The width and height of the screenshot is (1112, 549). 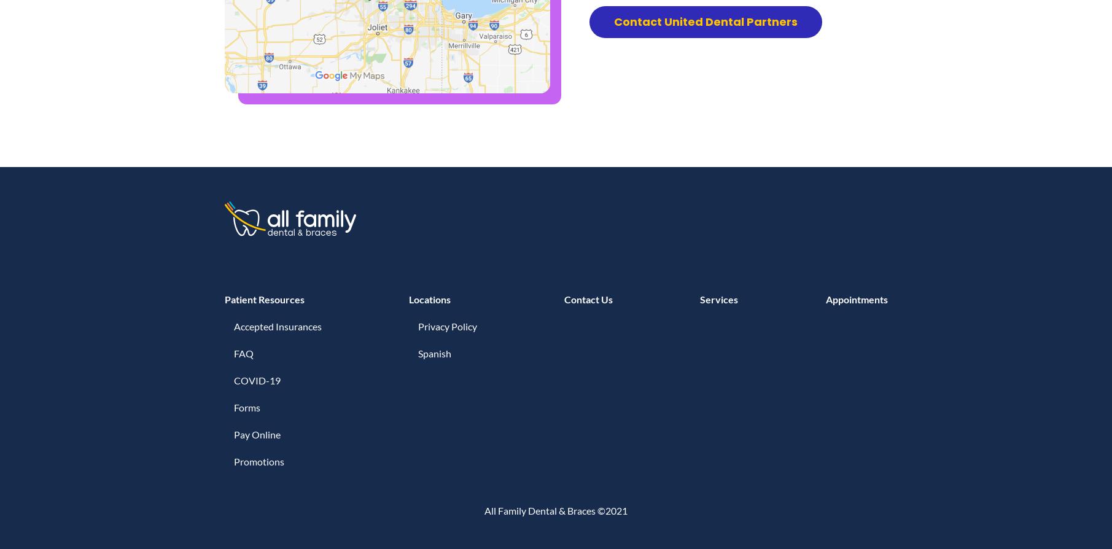 I want to click on 'Promotions', so click(x=259, y=461).